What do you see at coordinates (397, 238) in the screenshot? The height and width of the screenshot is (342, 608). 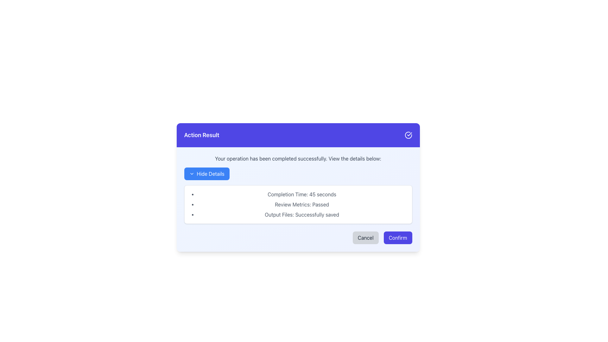 I see `the 'Confirm' button, which is a rectangular button with a blue background and white text, located near the bottom right of the interface` at bounding box center [397, 238].